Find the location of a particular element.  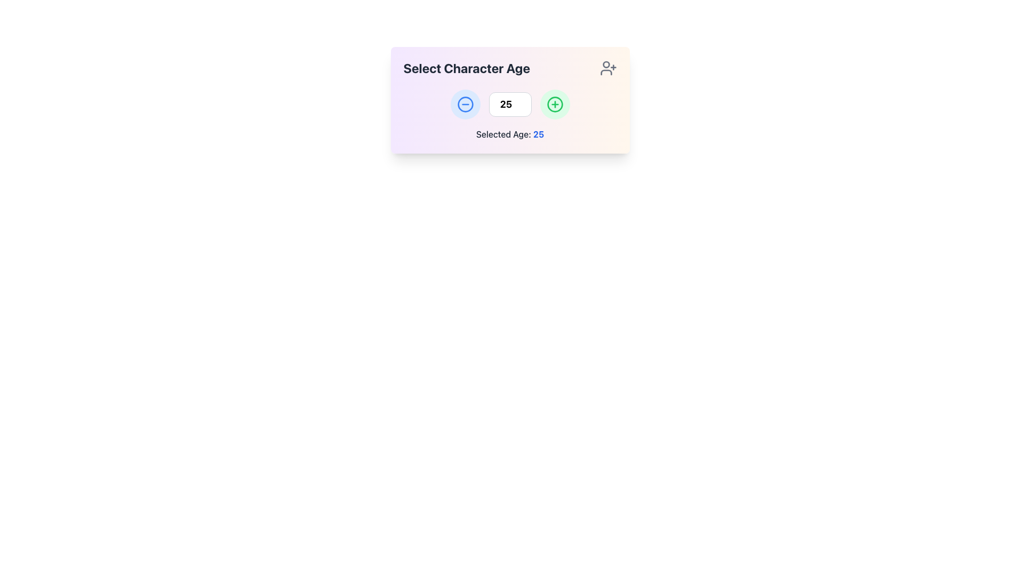

the green circular button with a plus sign in the top-right portion of the interactive area to increase the value is located at coordinates (555, 105).